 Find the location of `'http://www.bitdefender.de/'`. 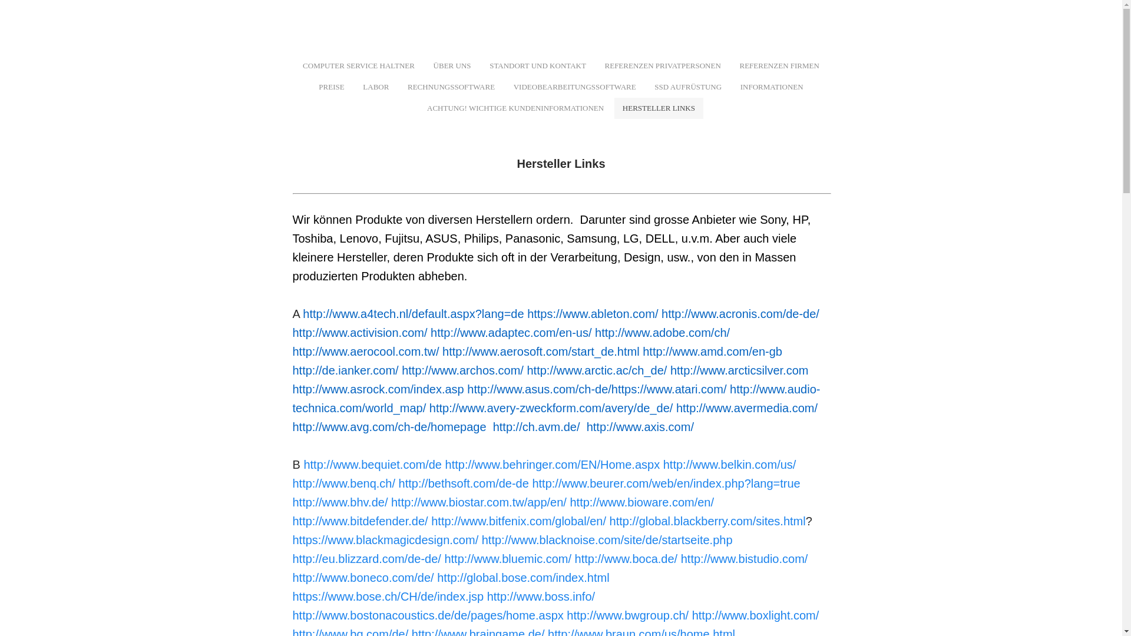

'http://www.bitdefender.de/' is located at coordinates (292, 520).